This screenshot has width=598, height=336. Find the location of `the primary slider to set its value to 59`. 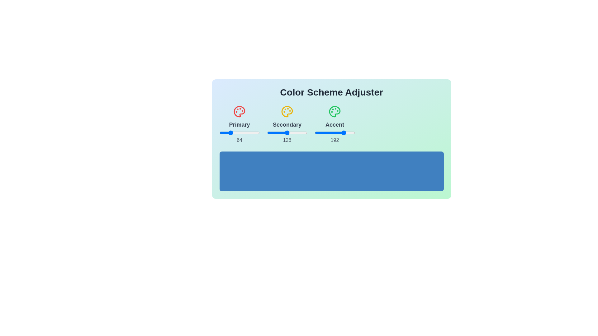

the primary slider to set its value to 59 is located at coordinates (228, 133).